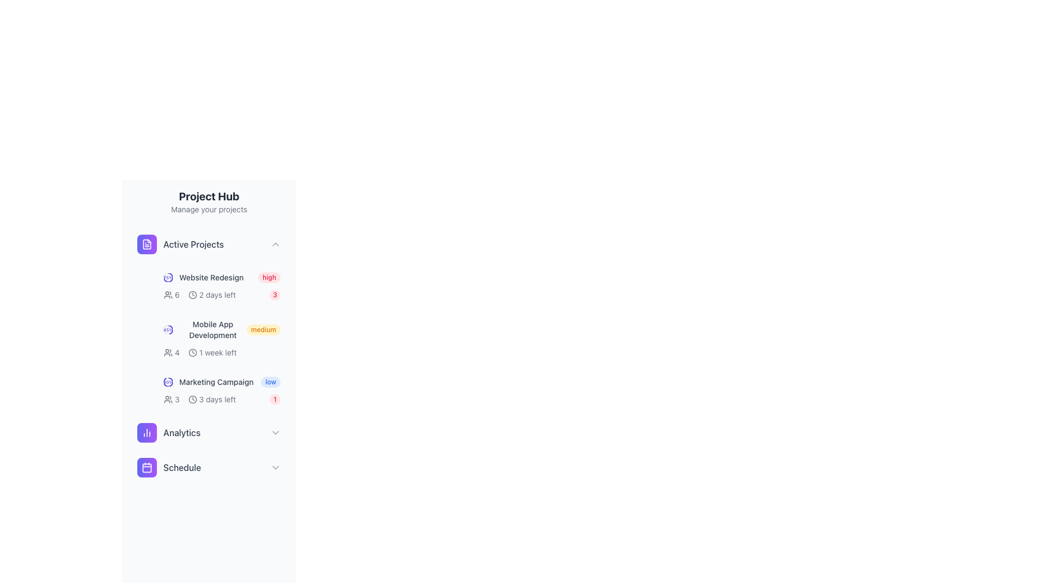  Describe the element at coordinates (192, 399) in the screenshot. I see `the small circular clock icon located to the left of the text '3 days left' in the 'Marketing Campaign' project entry, which is in the third position under the 'Active Projects' section` at that location.